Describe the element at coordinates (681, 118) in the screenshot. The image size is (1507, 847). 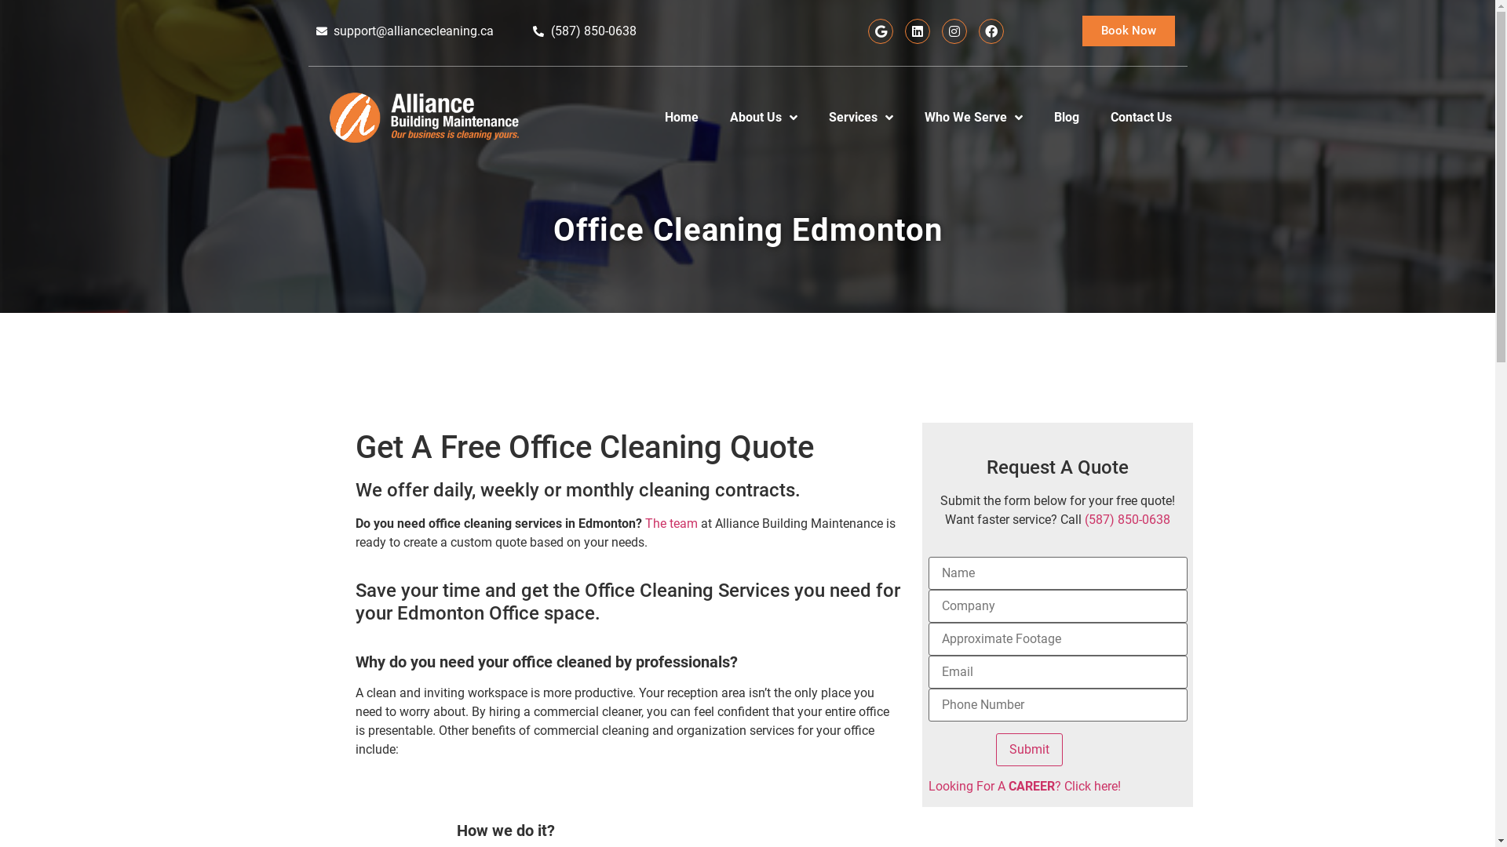
I see `'Home'` at that location.